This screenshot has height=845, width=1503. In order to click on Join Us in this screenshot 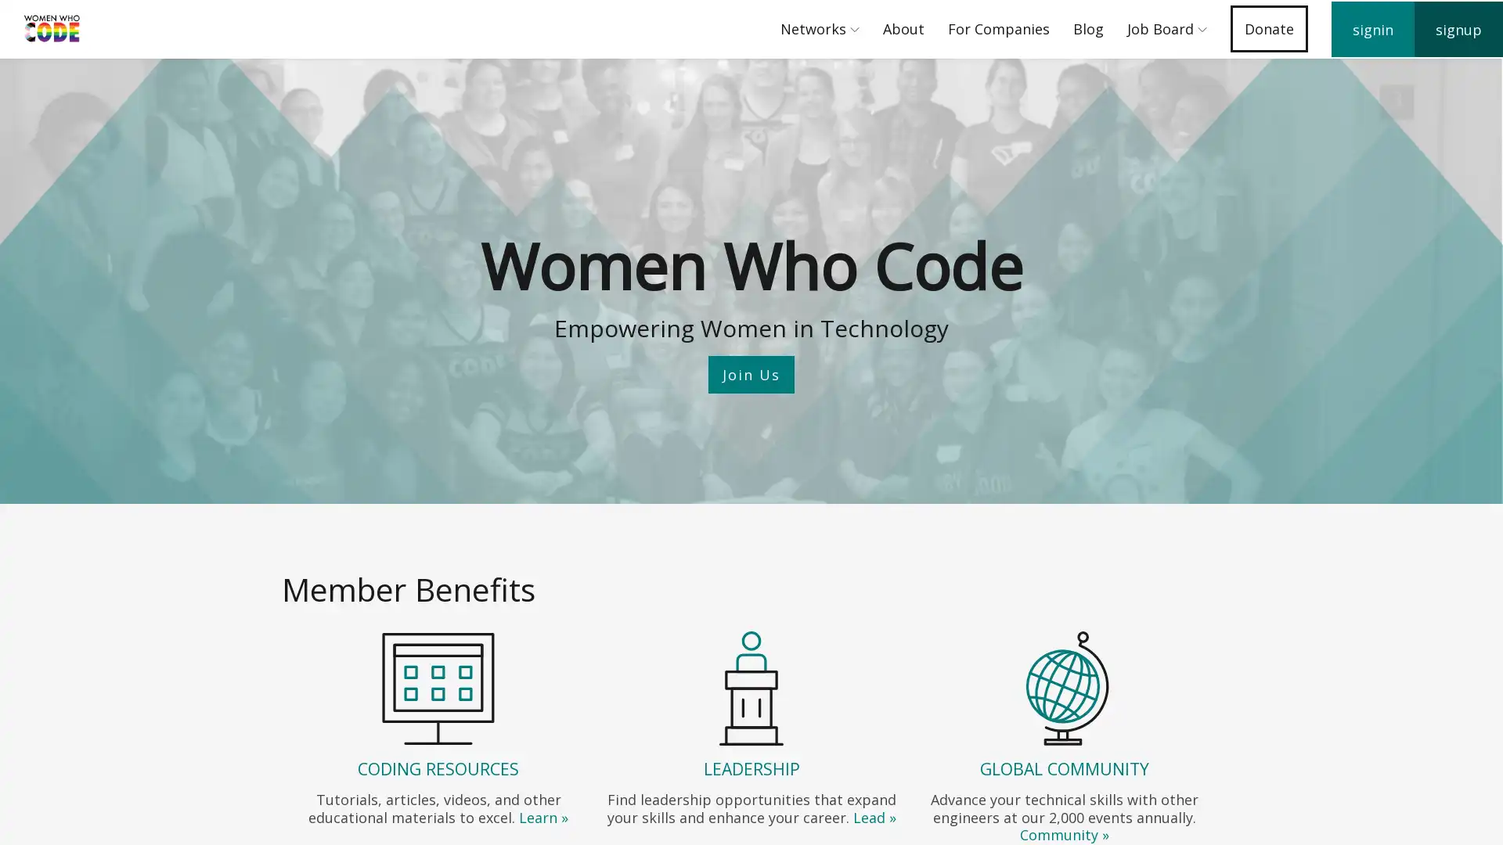, I will do `click(751, 374)`.